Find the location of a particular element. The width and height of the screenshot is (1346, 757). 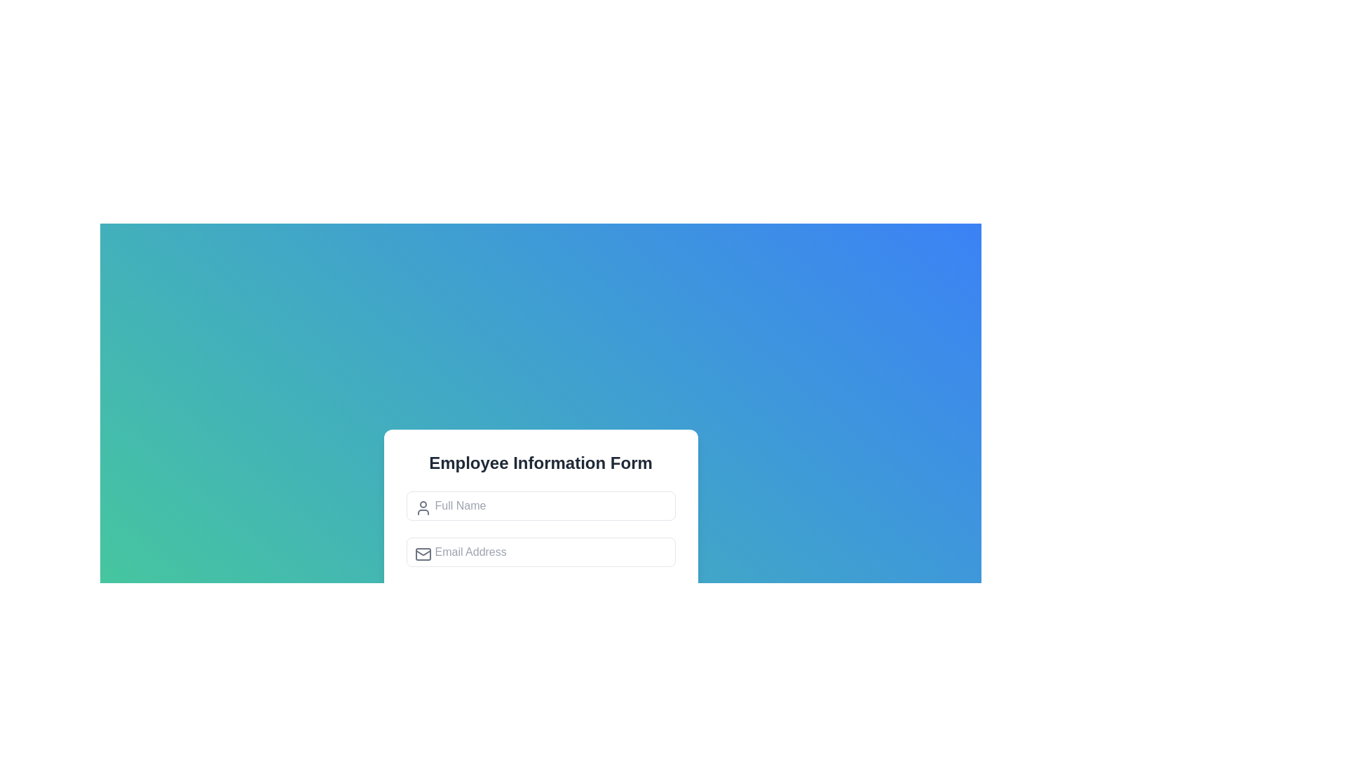

the user icon located to the left of the 'Full Name' input field in the 'Employee Information Form' to understand its indicative purpose is located at coordinates (422, 508).